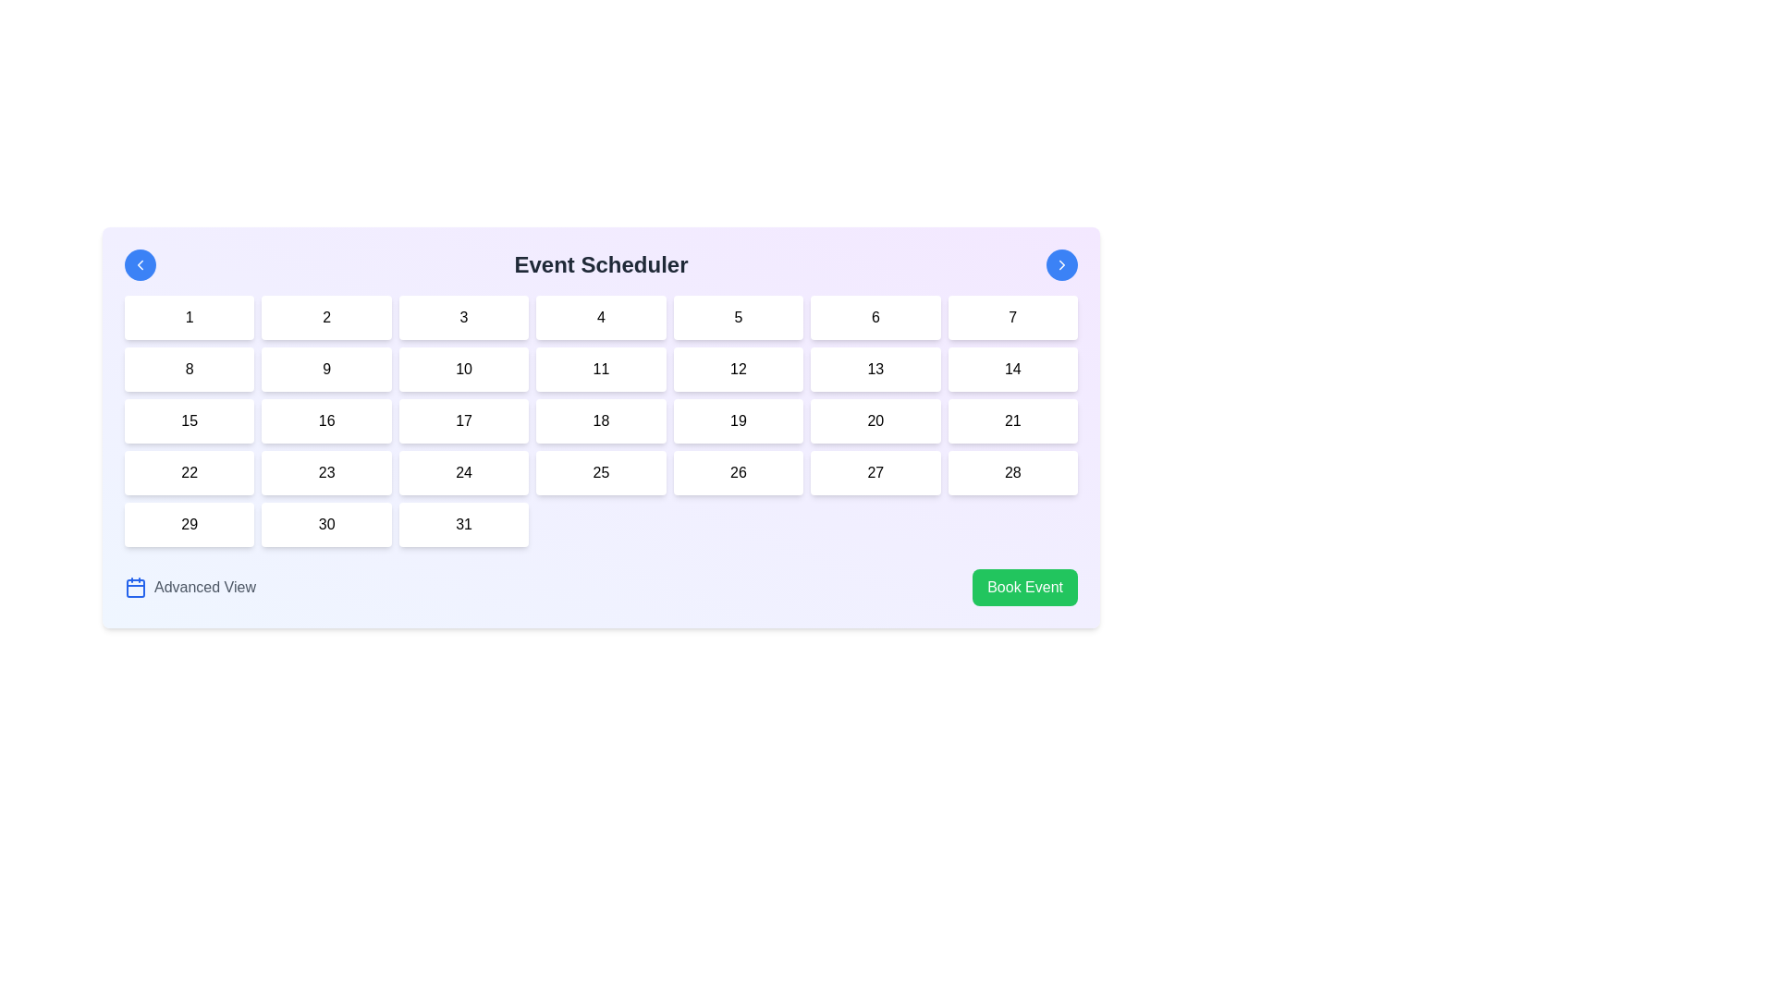  Describe the element at coordinates (326, 420) in the screenshot. I see `the button labeled '16' which is styled with a white background and rounded corners, located in the third row and second column of the grid layout` at that location.